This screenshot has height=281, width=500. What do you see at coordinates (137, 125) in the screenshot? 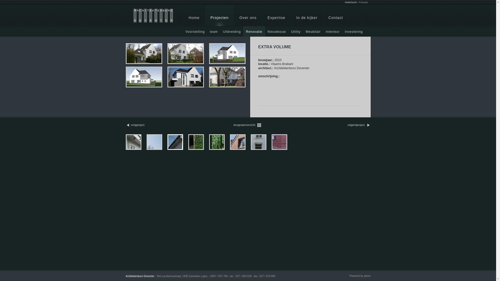
I see `'vorigproject.'` at bounding box center [137, 125].